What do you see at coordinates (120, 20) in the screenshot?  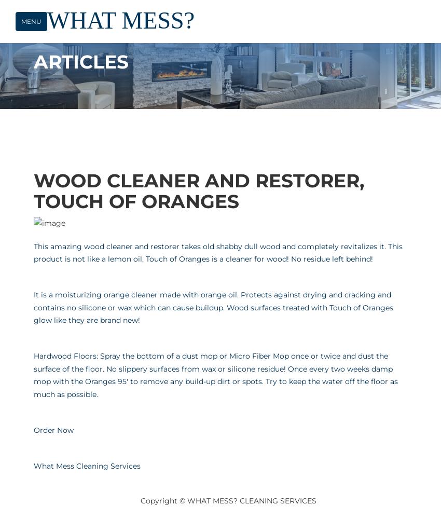 I see `'WHAT MESS?'` at bounding box center [120, 20].